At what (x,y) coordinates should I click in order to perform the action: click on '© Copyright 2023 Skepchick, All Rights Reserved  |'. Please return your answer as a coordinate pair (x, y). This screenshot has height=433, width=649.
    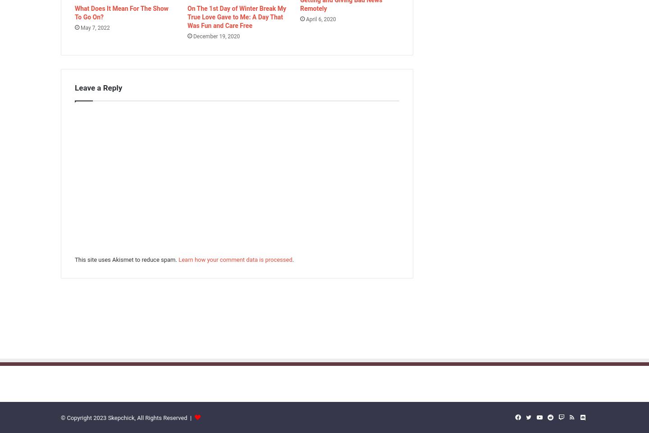
    Looking at the image, I should click on (127, 418).